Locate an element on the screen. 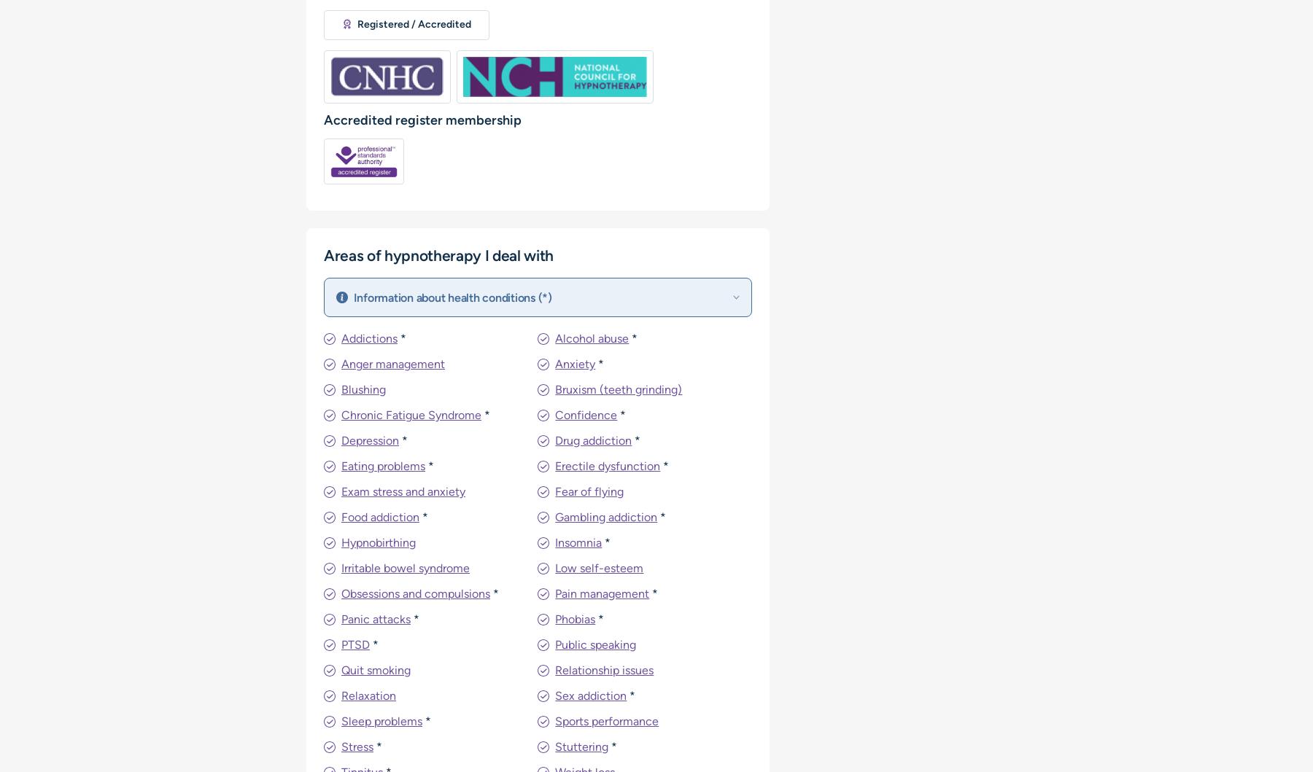  'Obsessions and compulsions' is located at coordinates (416, 593).